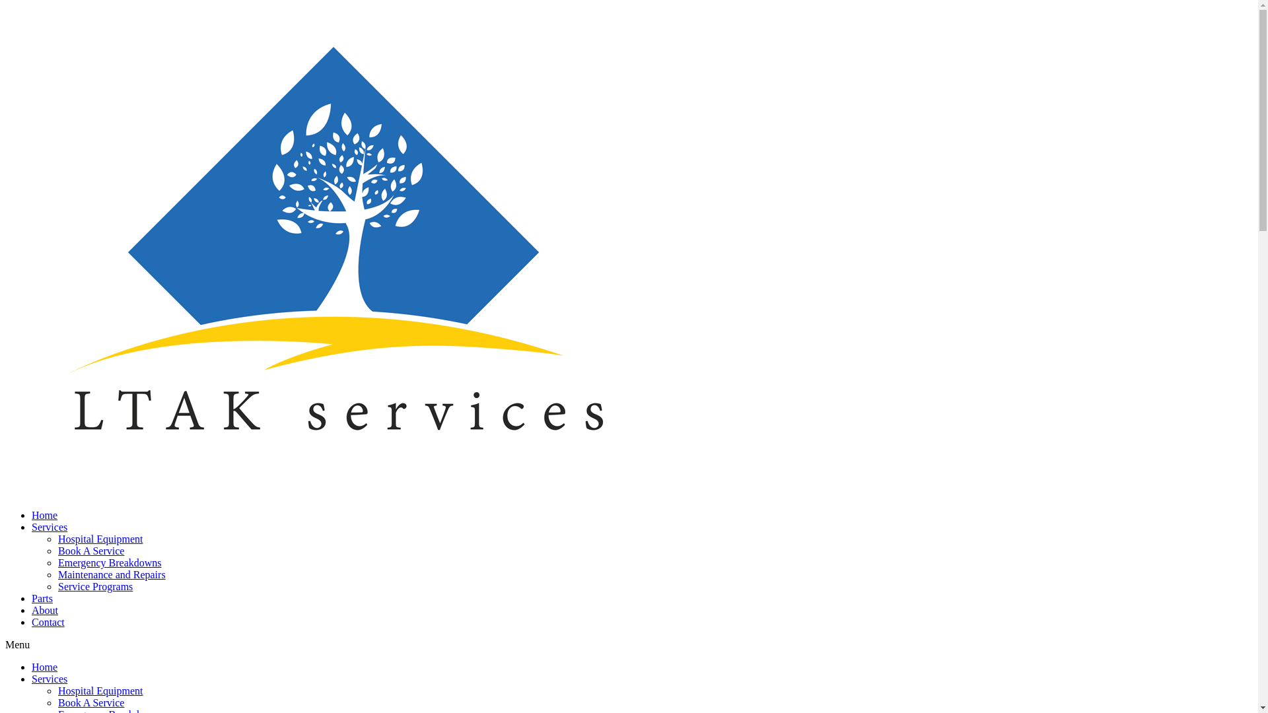 Image resolution: width=1268 pixels, height=713 pixels. What do you see at coordinates (44, 514) in the screenshot?
I see `'Home'` at bounding box center [44, 514].